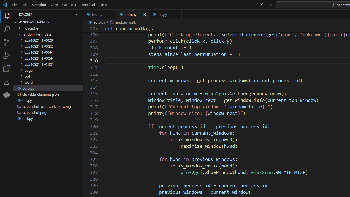  Describe the element at coordinates (7, 68) in the screenshot. I see `'Extensions (Ctrl+Shift+X)'` at that location.